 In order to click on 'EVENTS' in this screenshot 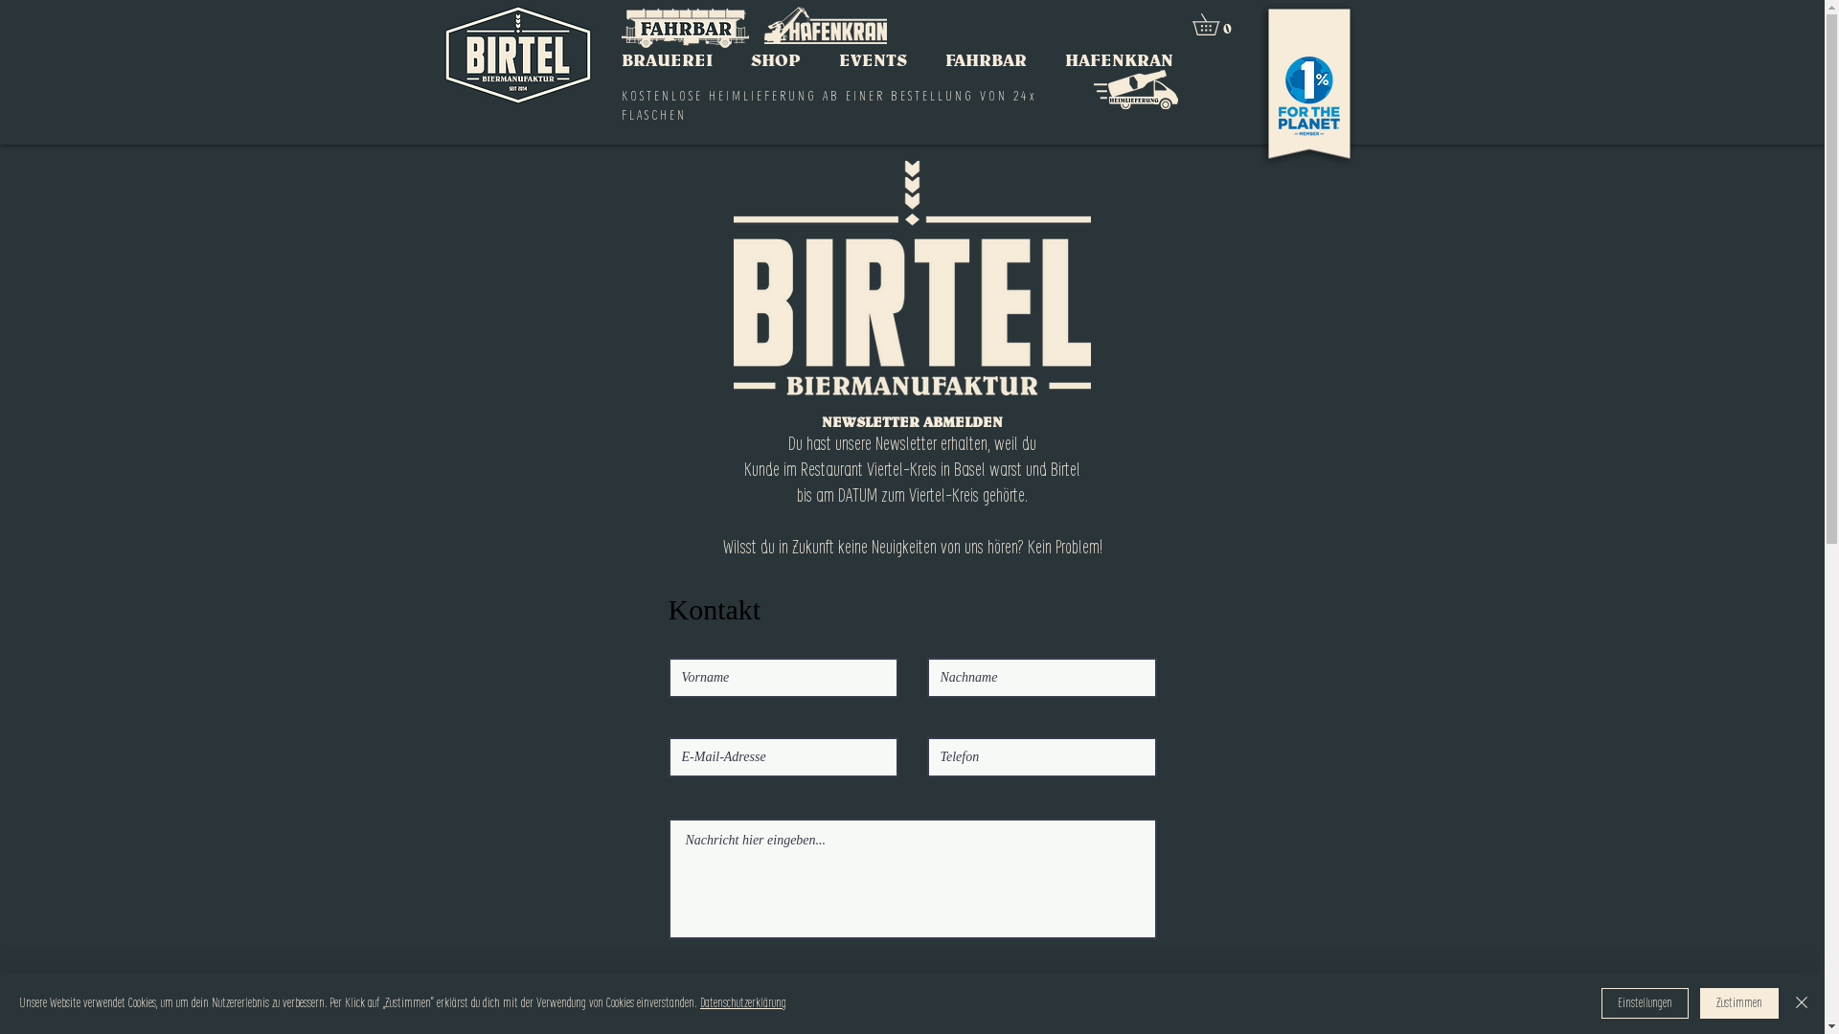, I will do `click(872, 58)`.